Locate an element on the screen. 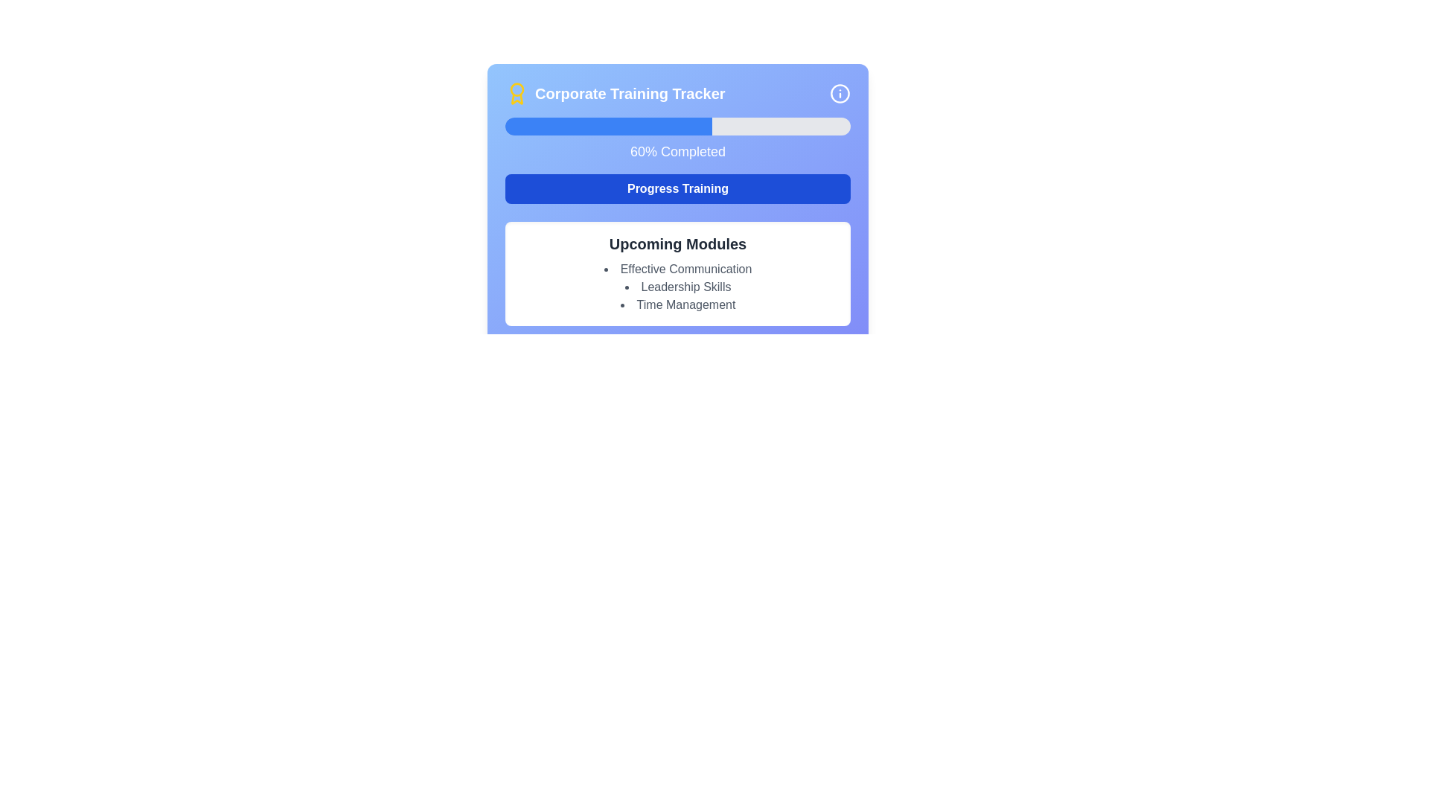 The width and height of the screenshot is (1429, 804). the button labeled 'Progress Training' with a blue background to initiate progression is located at coordinates (677, 188).